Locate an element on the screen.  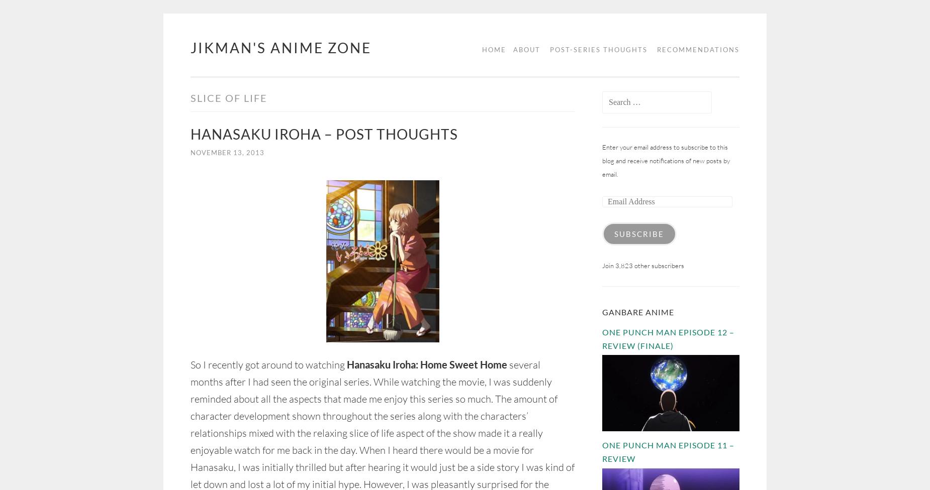
'Hanasaku Iroha: Home Sweet Home' is located at coordinates (427, 364).